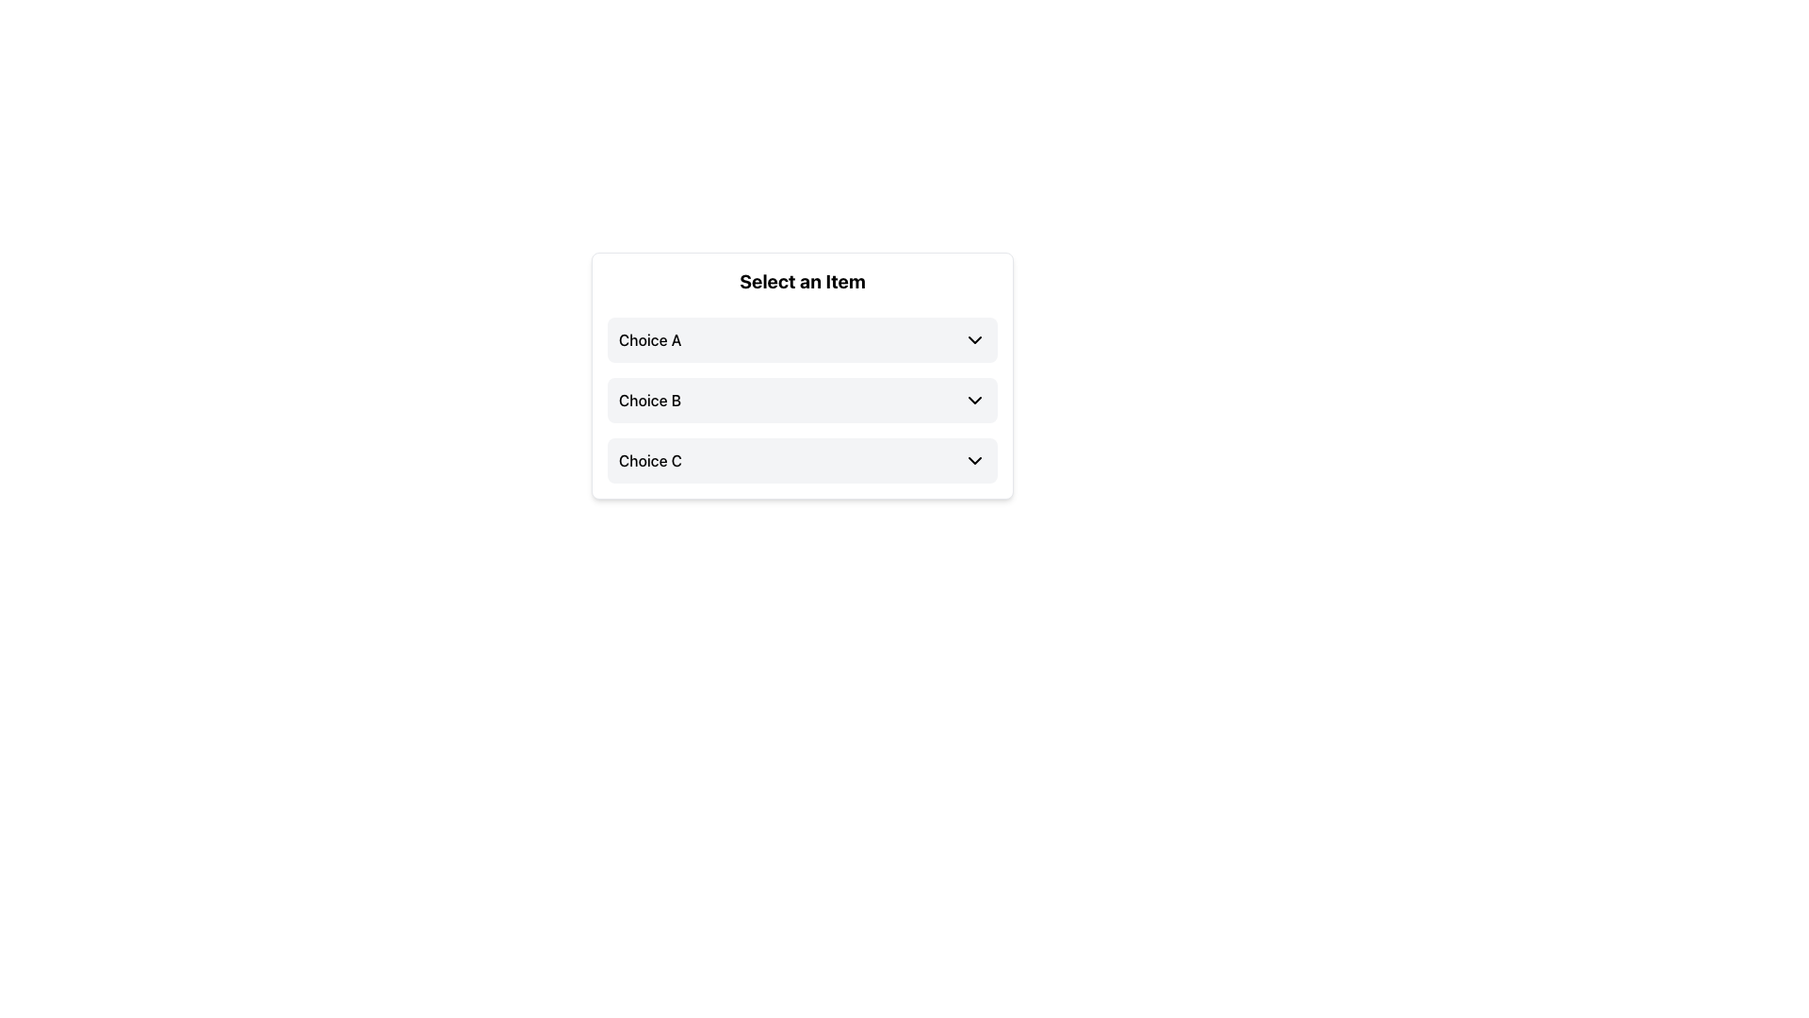 The height and width of the screenshot is (1018, 1809). Describe the element at coordinates (802, 399) in the screenshot. I see `the list option labeled 'Choice B'` at that location.